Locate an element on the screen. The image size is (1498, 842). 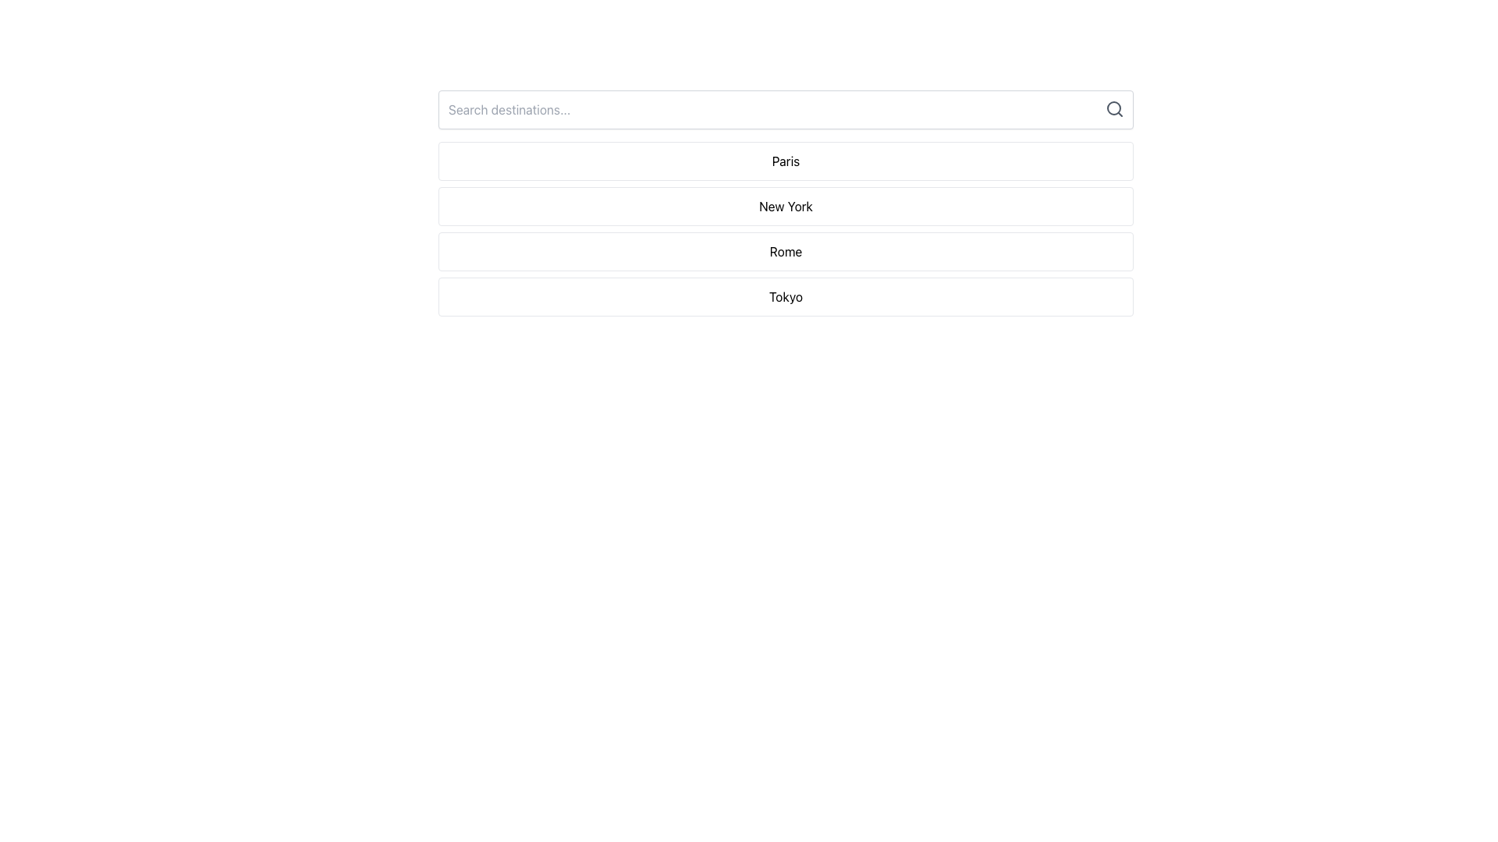
the list item displaying the text 'Paris', which is the first option in a vertically stacked list located directly under the search bar is located at coordinates (786, 161).